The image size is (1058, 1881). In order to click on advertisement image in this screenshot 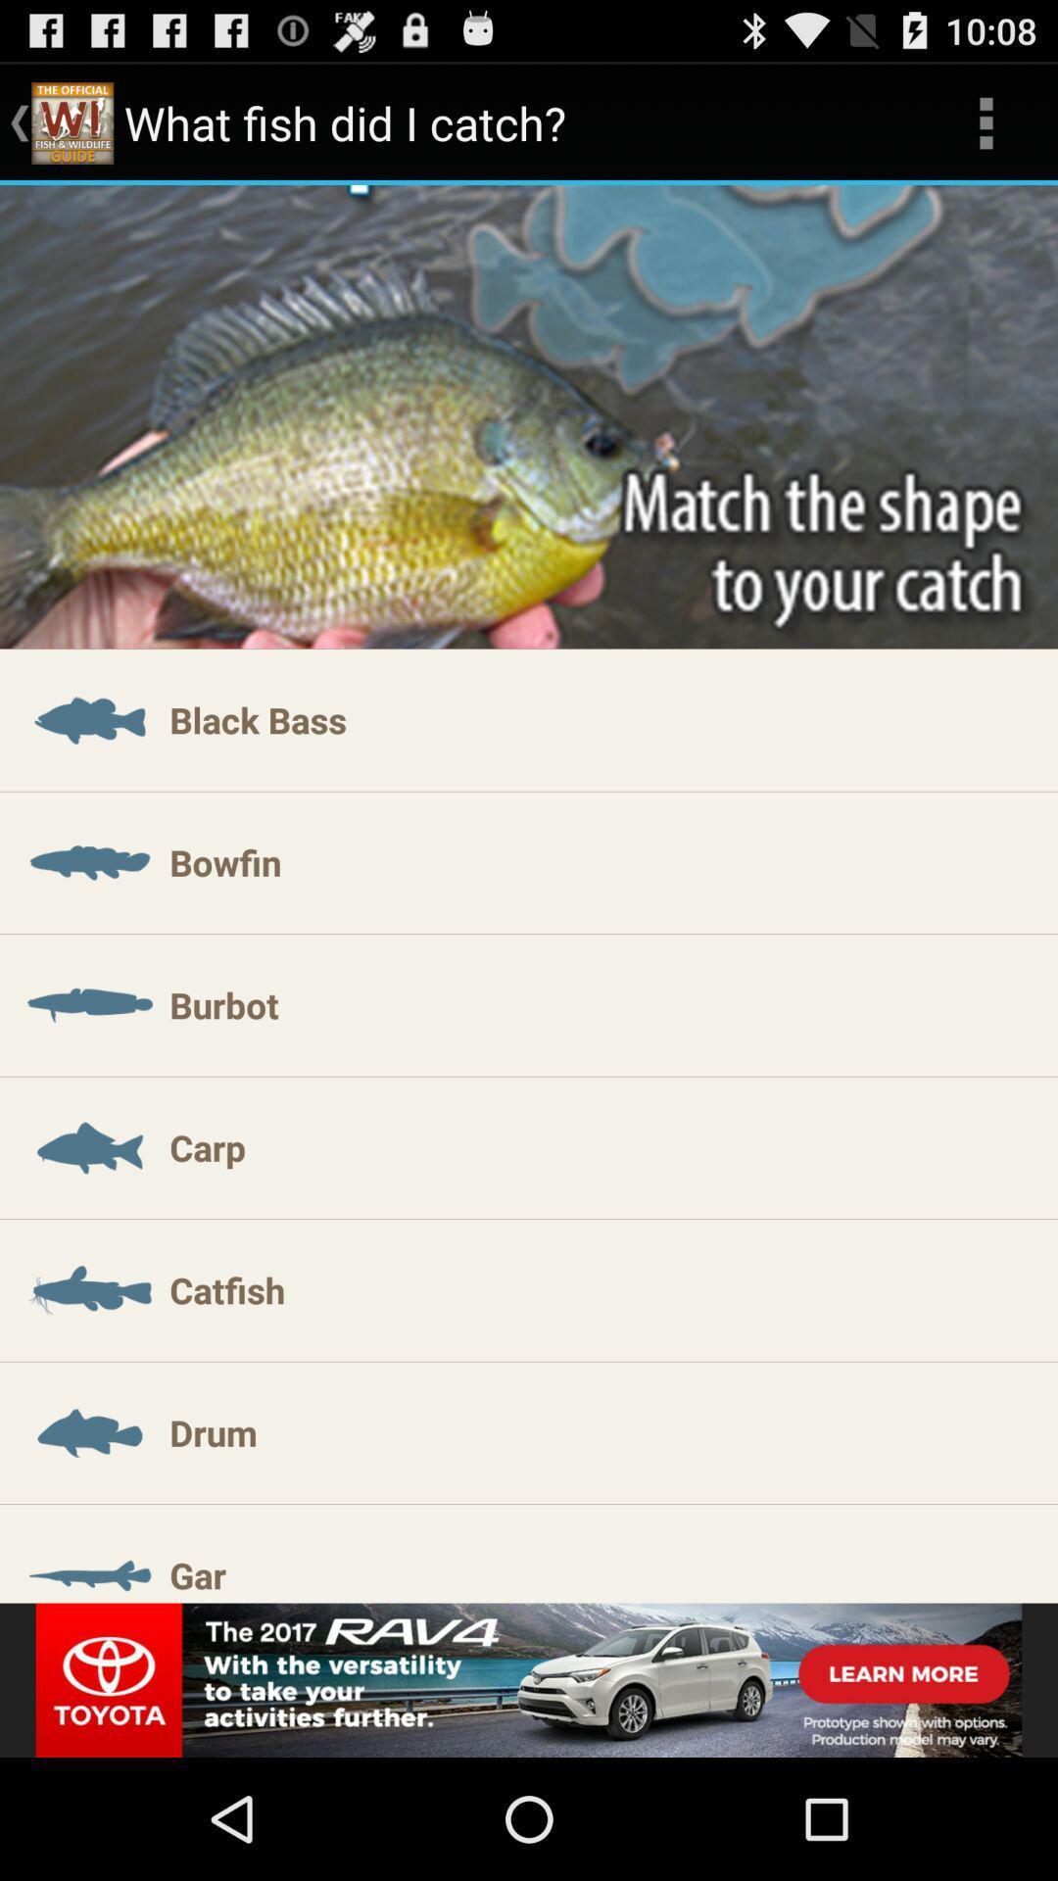, I will do `click(529, 1679)`.